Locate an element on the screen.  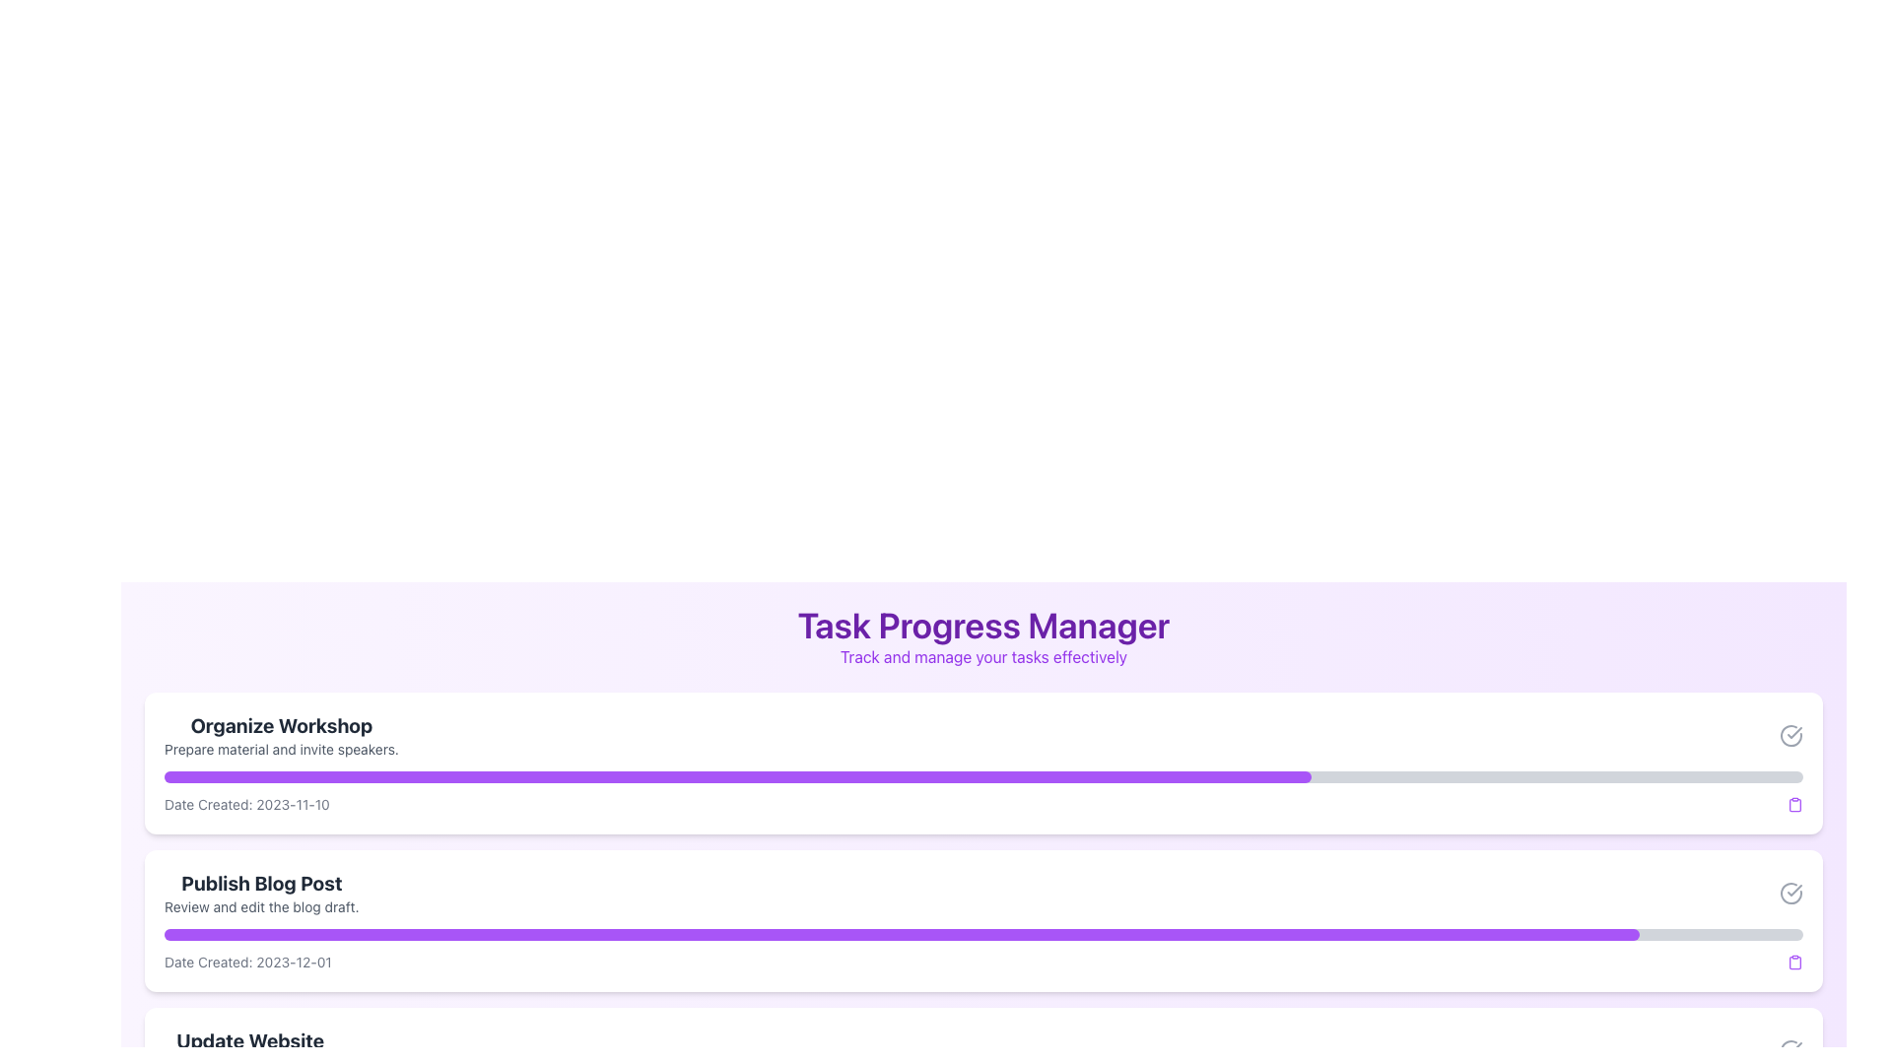
the clipboard icon located at the far-right end of the 'Date Created' section is located at coordinates (1795, 805).